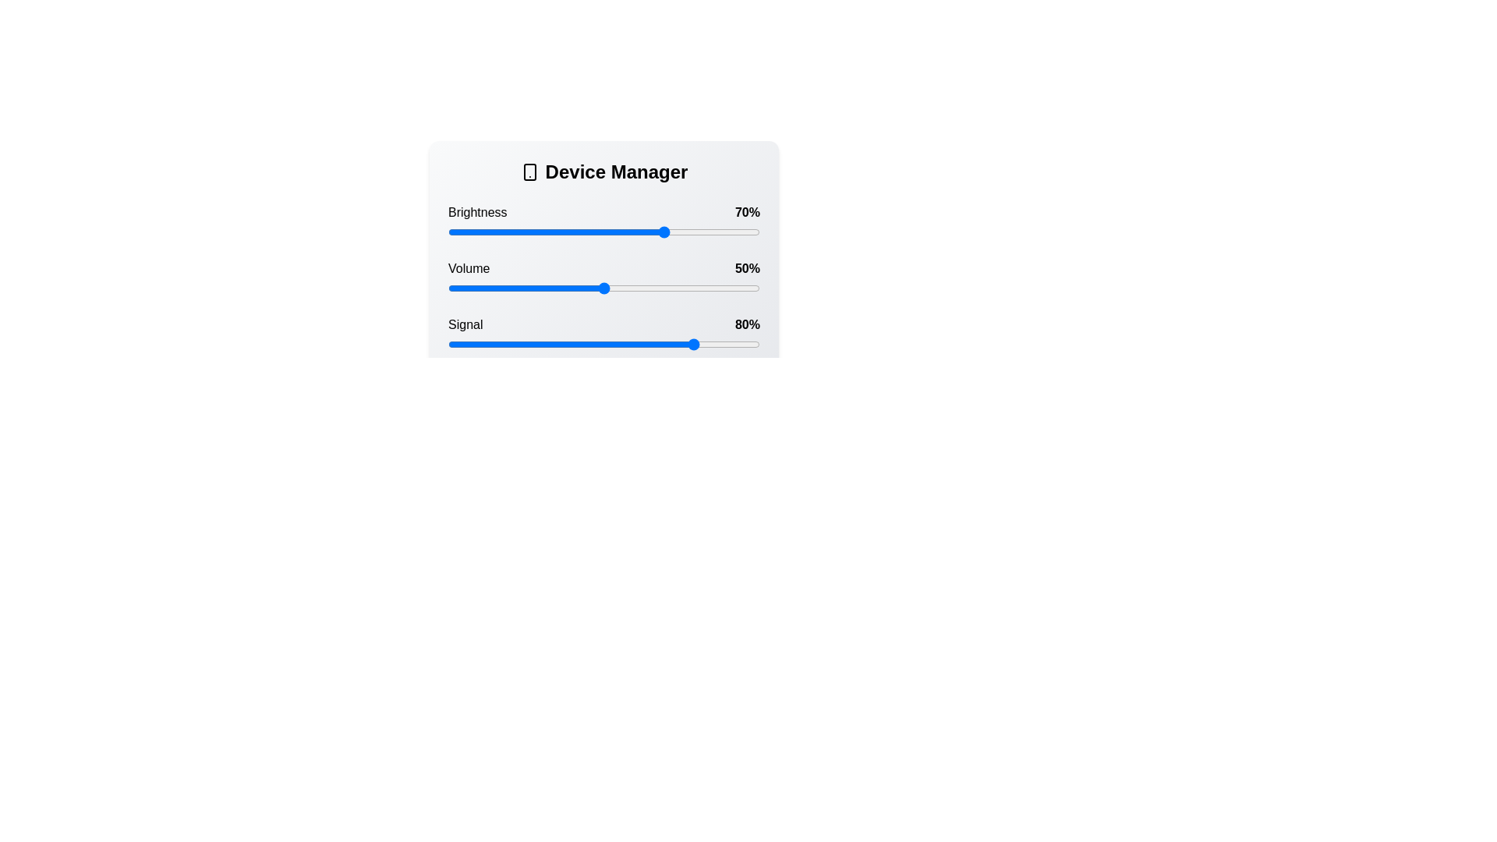  Describe the element at coordinates (469, 232) in the screenshot. I see `the brightness slider to 7%` at that location.